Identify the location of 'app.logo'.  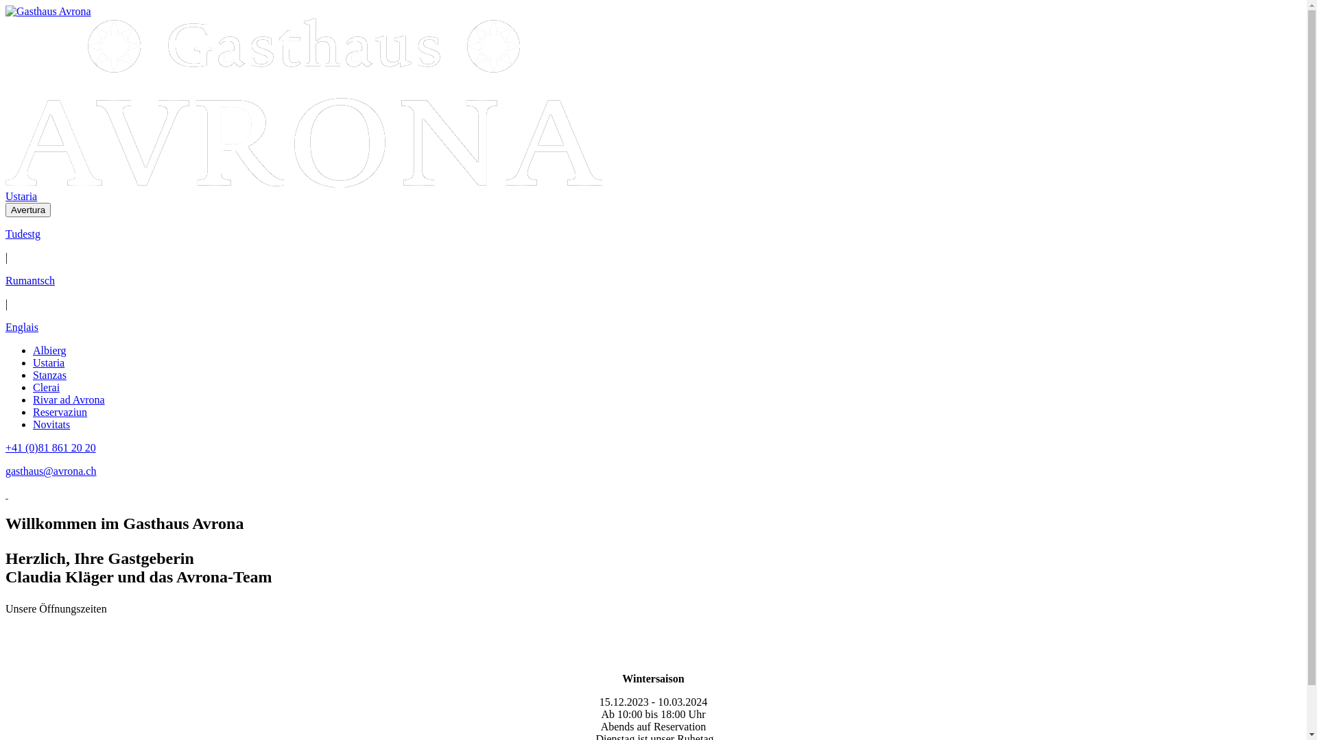
(302, 183).